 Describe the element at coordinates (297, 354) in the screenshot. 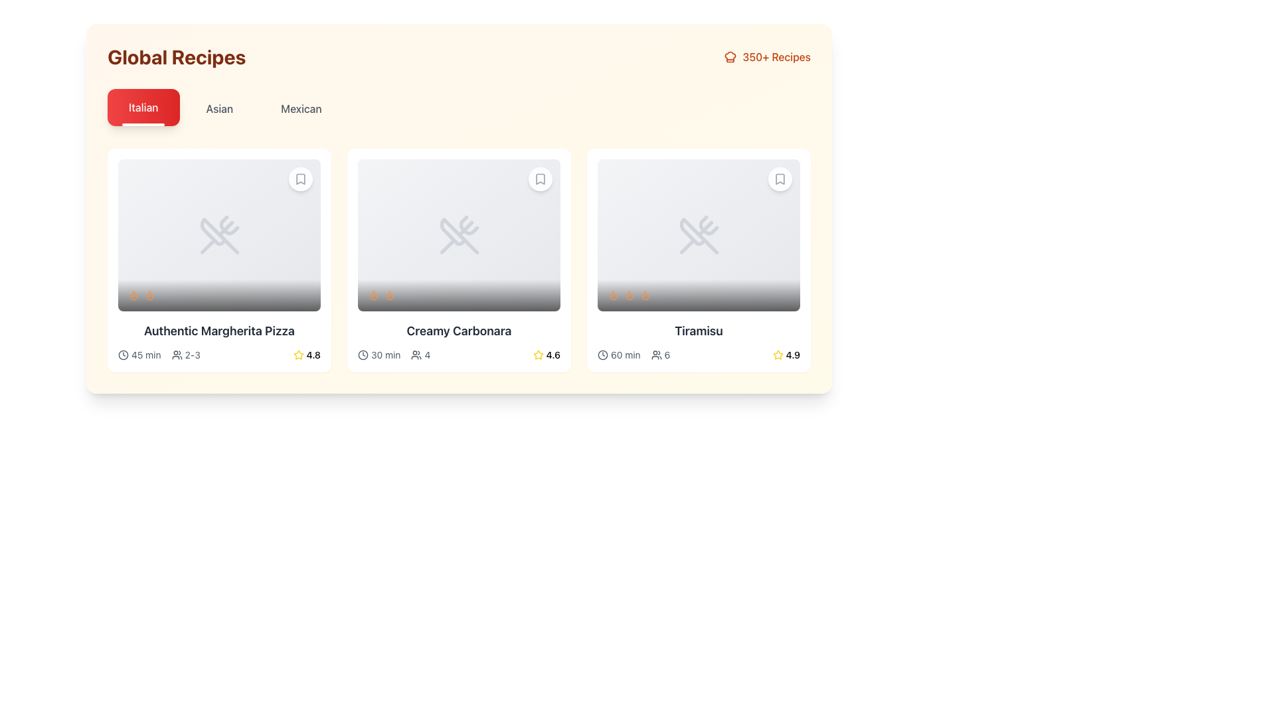

I see `the yellow star-shaped rating icon for 'Authentic Margherita Pizza' located in the Italian recipes section, which is accompanied by the rating value '4.8'` at that location.